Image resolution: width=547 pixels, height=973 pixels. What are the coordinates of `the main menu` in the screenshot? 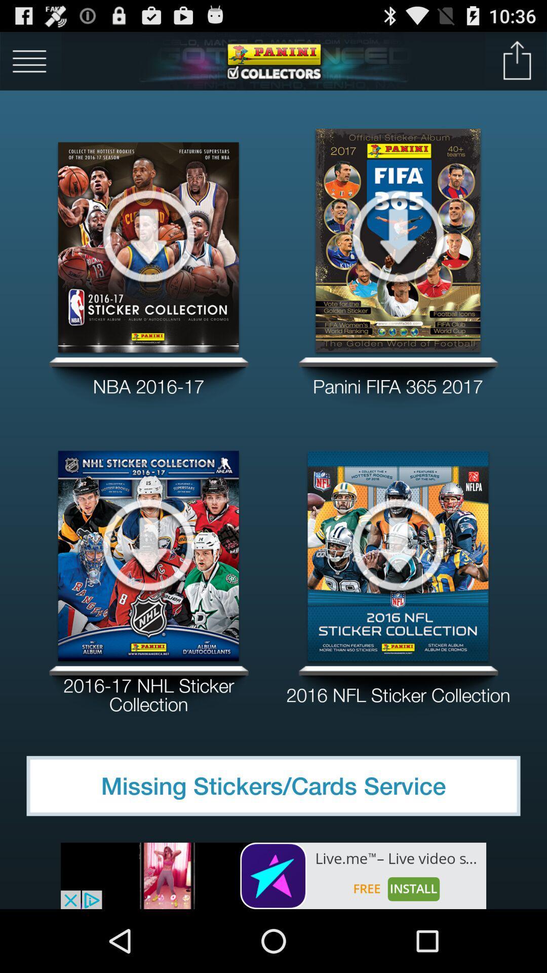 It's located at (119, 55).